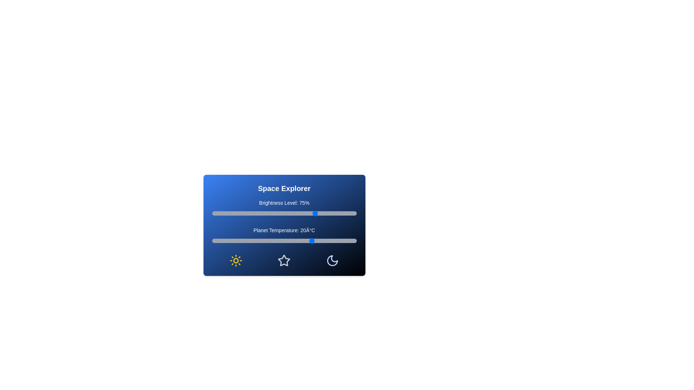 The width and height of the screenshot is (694, 390). What do you see at coordinates (326, 241) in the screenshot?
I see `the planet temperature slider to 29°C` at bounding box center [326, 241].